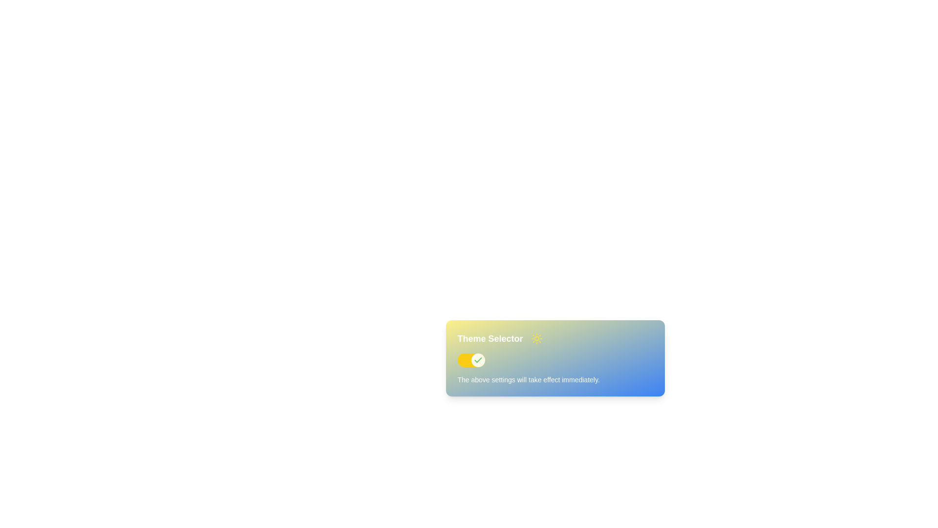 This screenshot has width=938, height=528. Describe the element at coordinates (555, 379) in the screenshot. I see `the text block that provides feedback about immediate application of settings, located below the 'Theme Selector' title and toggle switch` at that location.